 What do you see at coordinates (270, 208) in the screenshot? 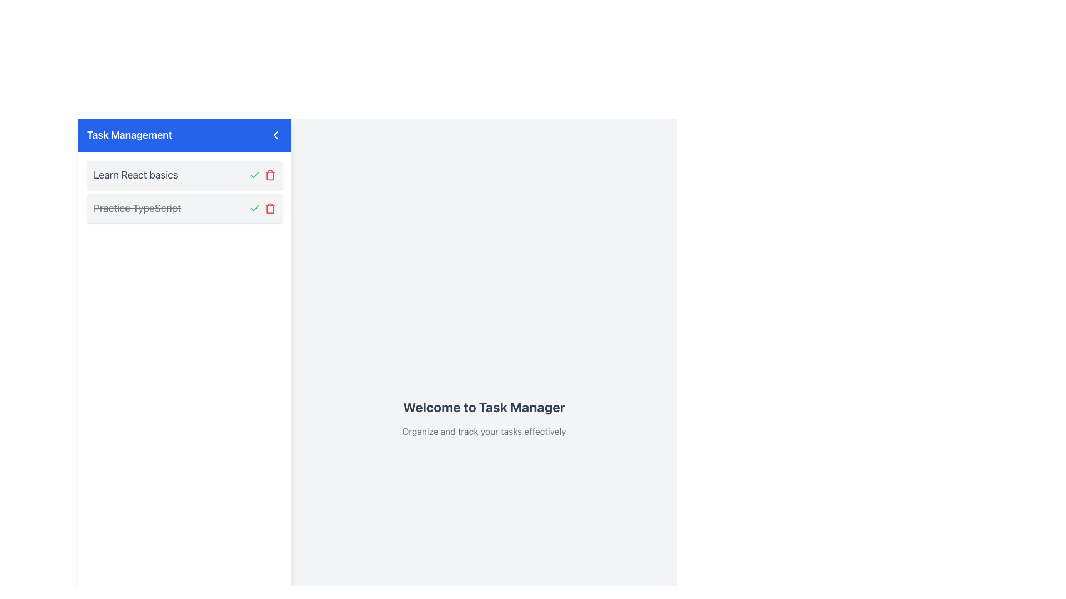
I see `the delete button located to the right of the 'Practice TypeScript' task` at bounding box center [270, 208].